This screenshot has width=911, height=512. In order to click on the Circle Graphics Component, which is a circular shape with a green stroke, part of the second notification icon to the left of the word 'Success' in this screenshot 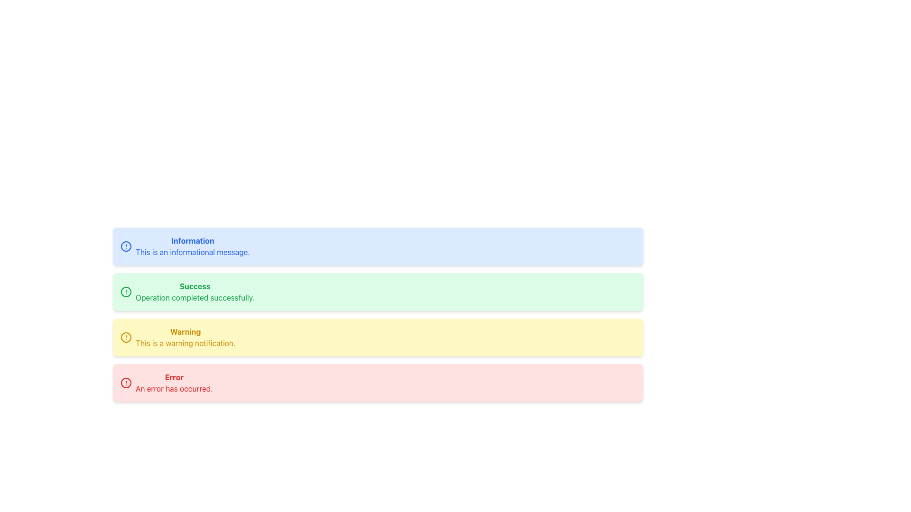, I will do `click(125, 292)`.